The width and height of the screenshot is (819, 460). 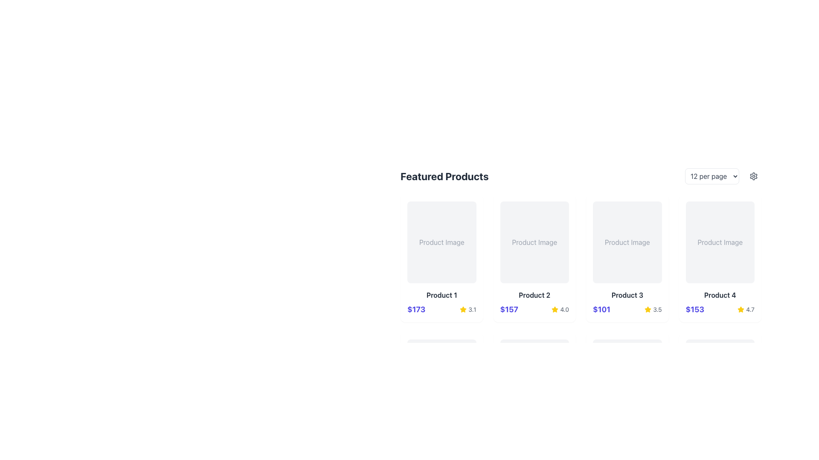 What do you see at coordinates (534, 295) in the screenshot?
I see `text label displaying 'Product 2' in bold, dark gray color, located below the image placeholder in the second card of the 'Featured Products' section` at bounding box center [534, 295].